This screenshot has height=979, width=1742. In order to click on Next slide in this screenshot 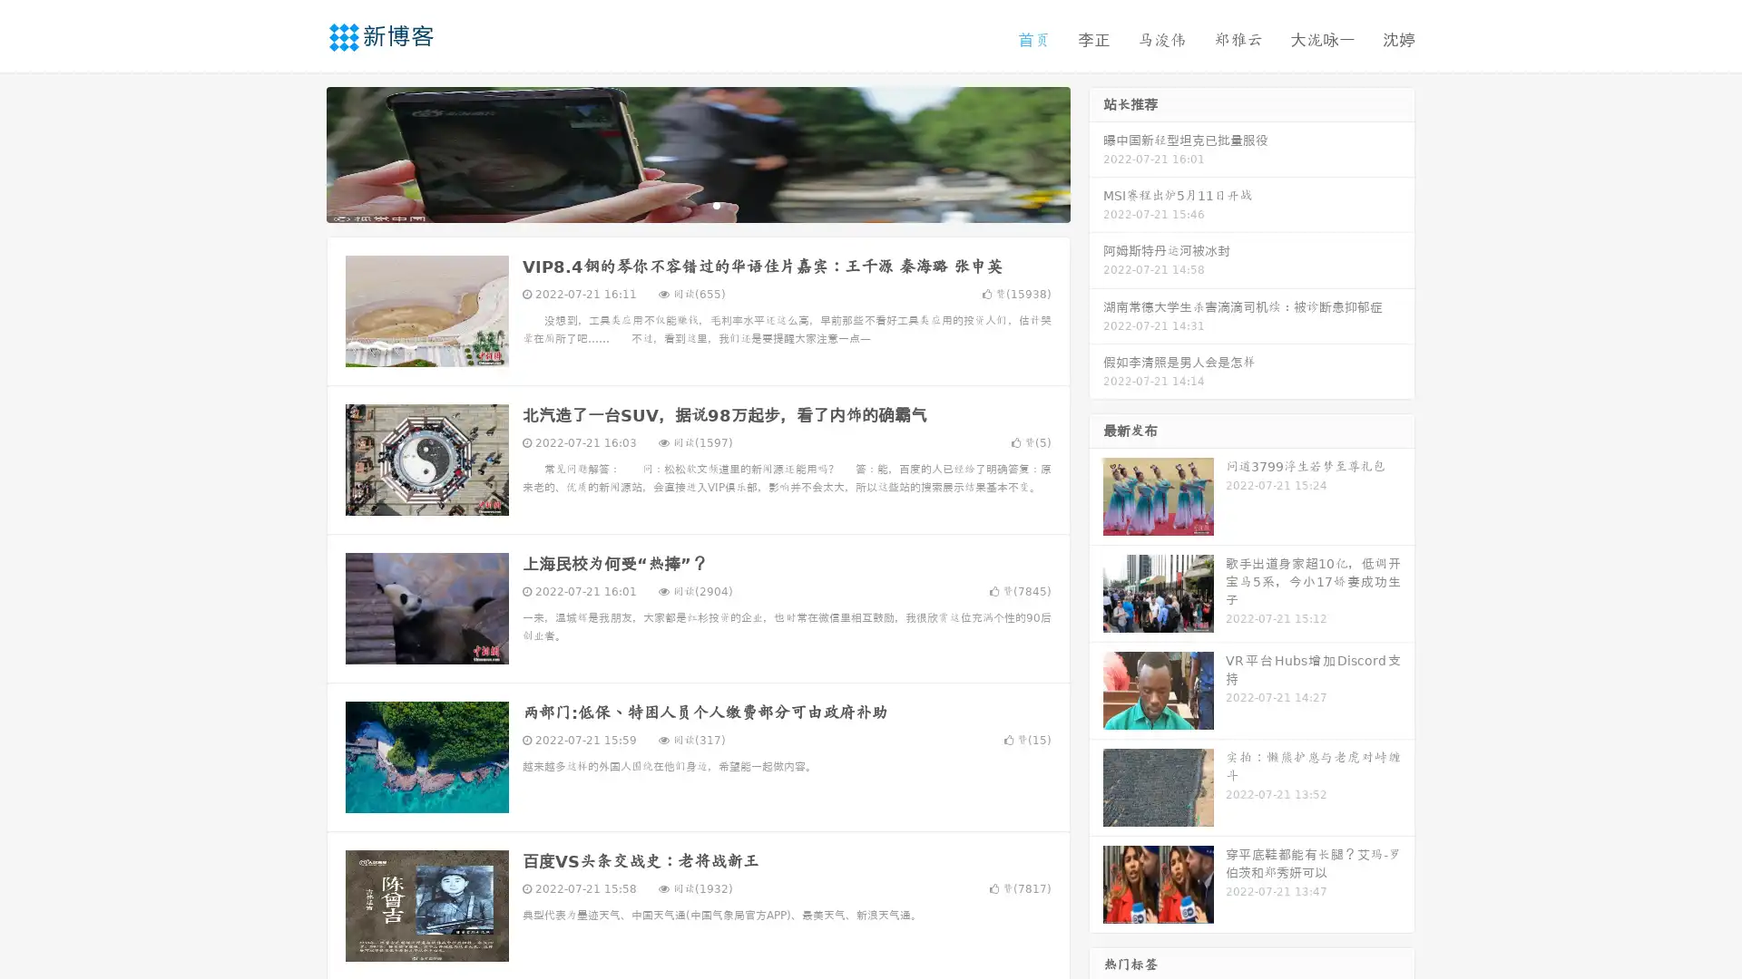, I will do `click(1096, 152)`.